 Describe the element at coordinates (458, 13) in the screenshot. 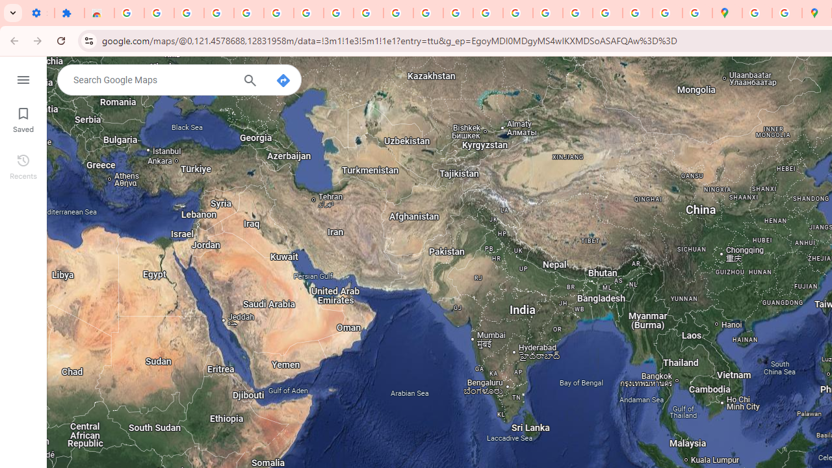

I see `'https://scholar.google.com/'` at that location.